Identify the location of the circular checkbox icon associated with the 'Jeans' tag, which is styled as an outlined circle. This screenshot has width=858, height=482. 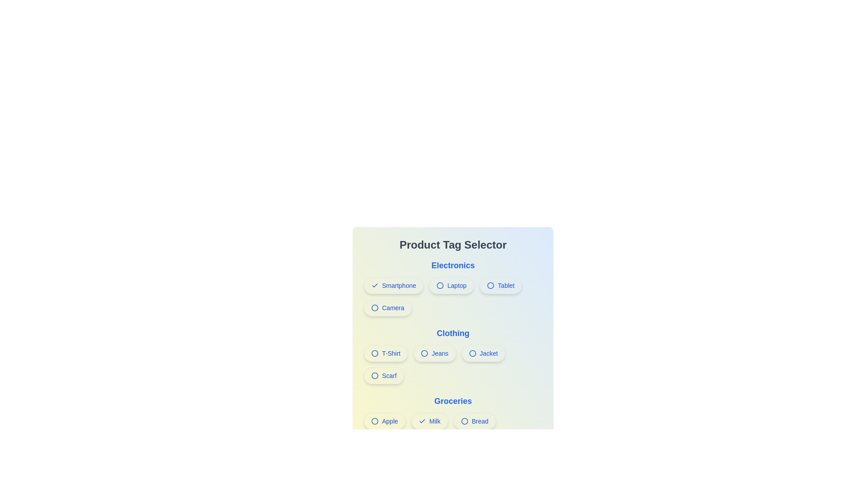
(424, 353).